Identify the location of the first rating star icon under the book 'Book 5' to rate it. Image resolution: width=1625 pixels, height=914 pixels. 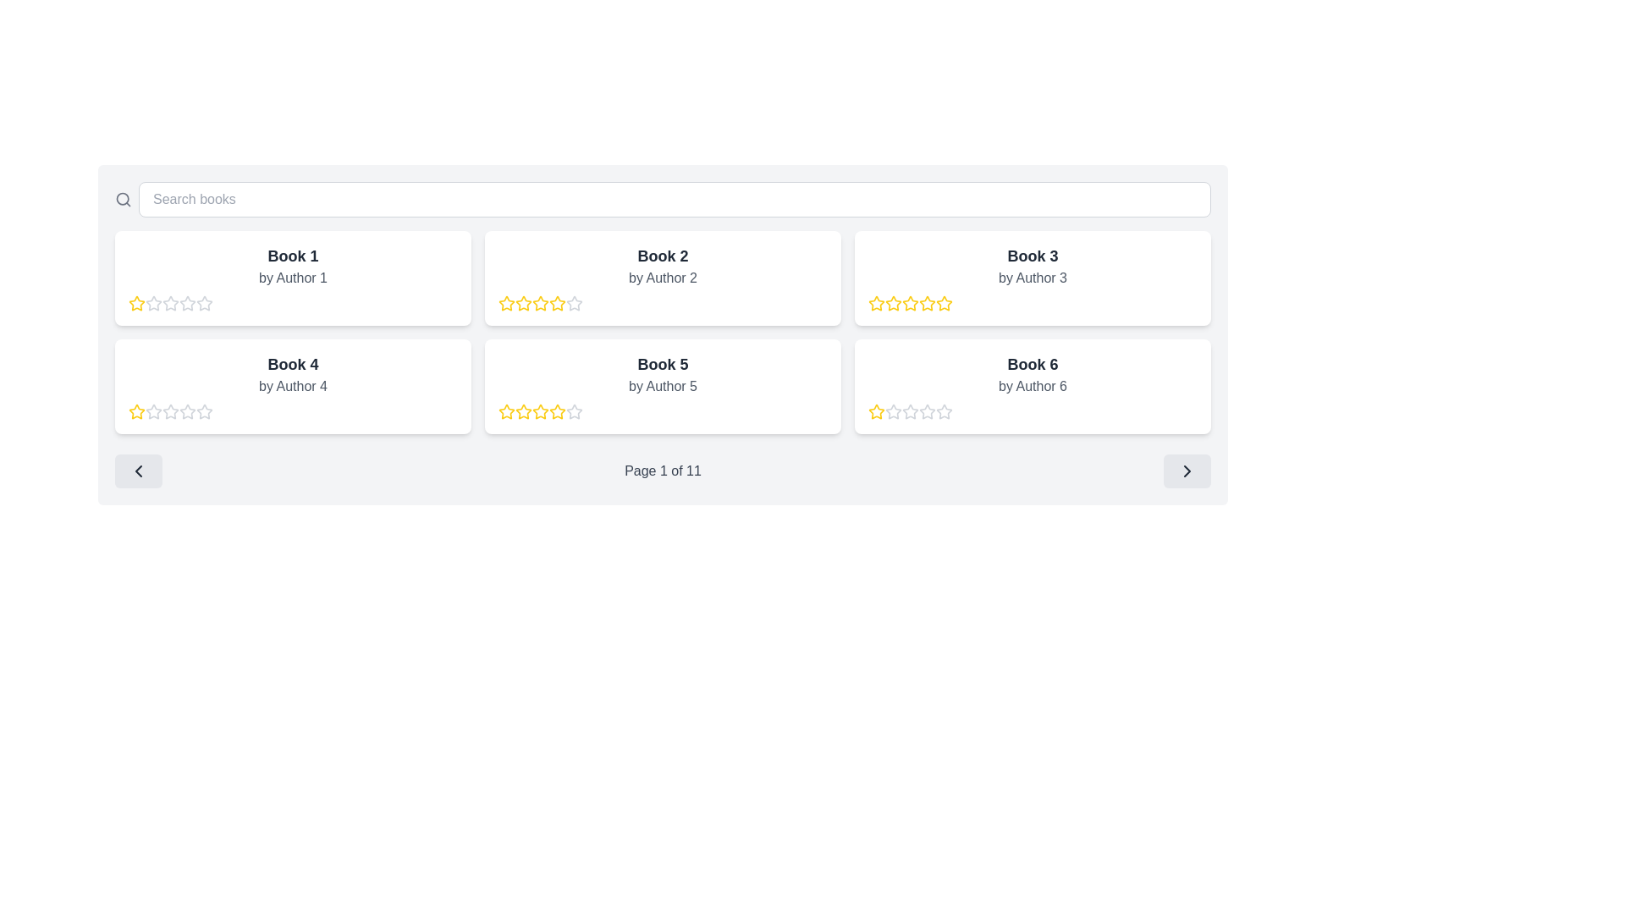
(506, 411).